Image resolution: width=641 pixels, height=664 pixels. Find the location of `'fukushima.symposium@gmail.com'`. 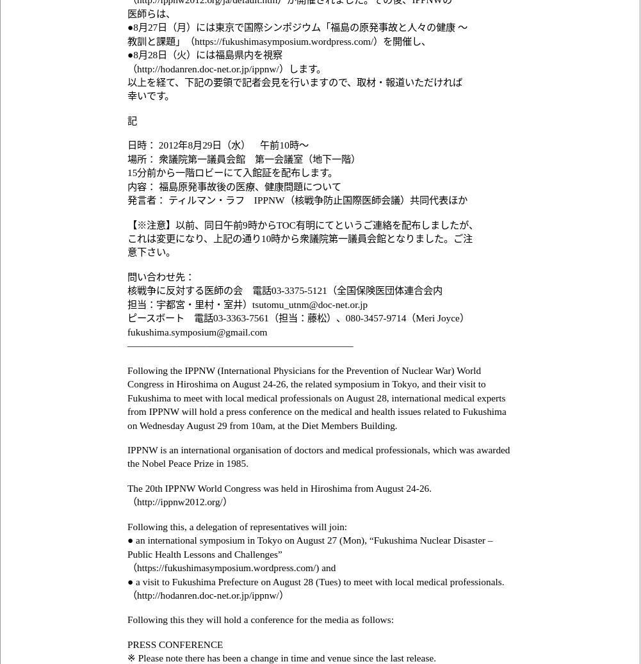

'fukushima.symposium@gmail.com' is located at coordinates (197, 330).